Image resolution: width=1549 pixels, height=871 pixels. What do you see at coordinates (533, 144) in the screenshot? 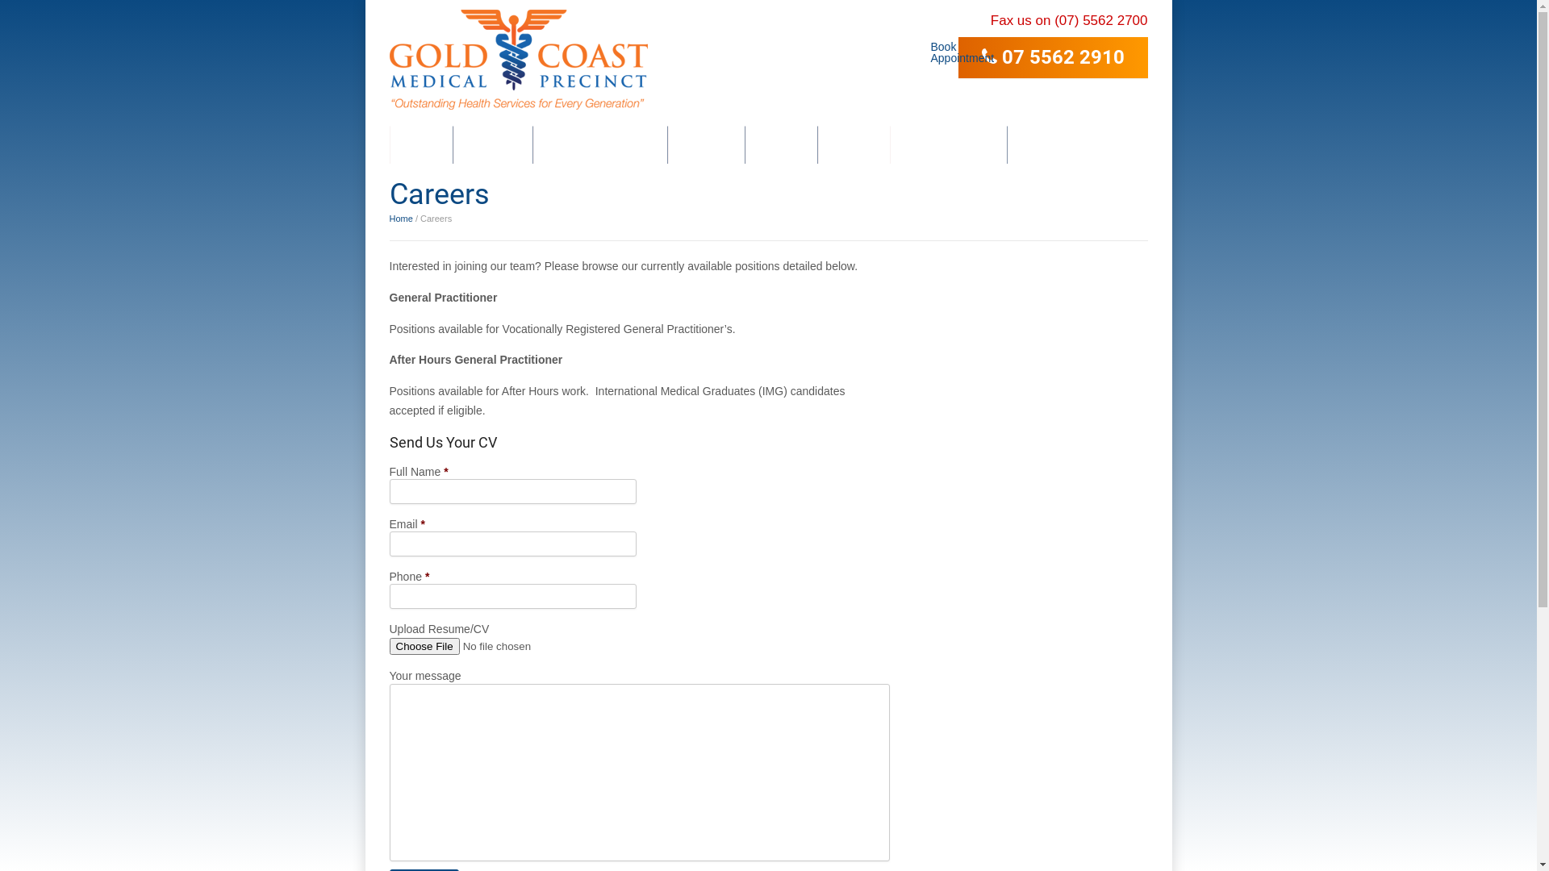
I see `'Practice Information'` at bounding box center [533, 144].